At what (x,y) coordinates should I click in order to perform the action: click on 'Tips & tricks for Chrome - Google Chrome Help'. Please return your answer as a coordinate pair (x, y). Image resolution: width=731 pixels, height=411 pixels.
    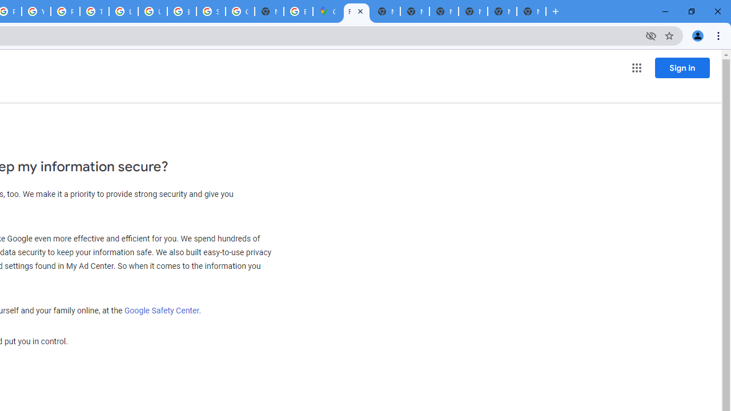
    Looking at the image, I should click on (94, 11).